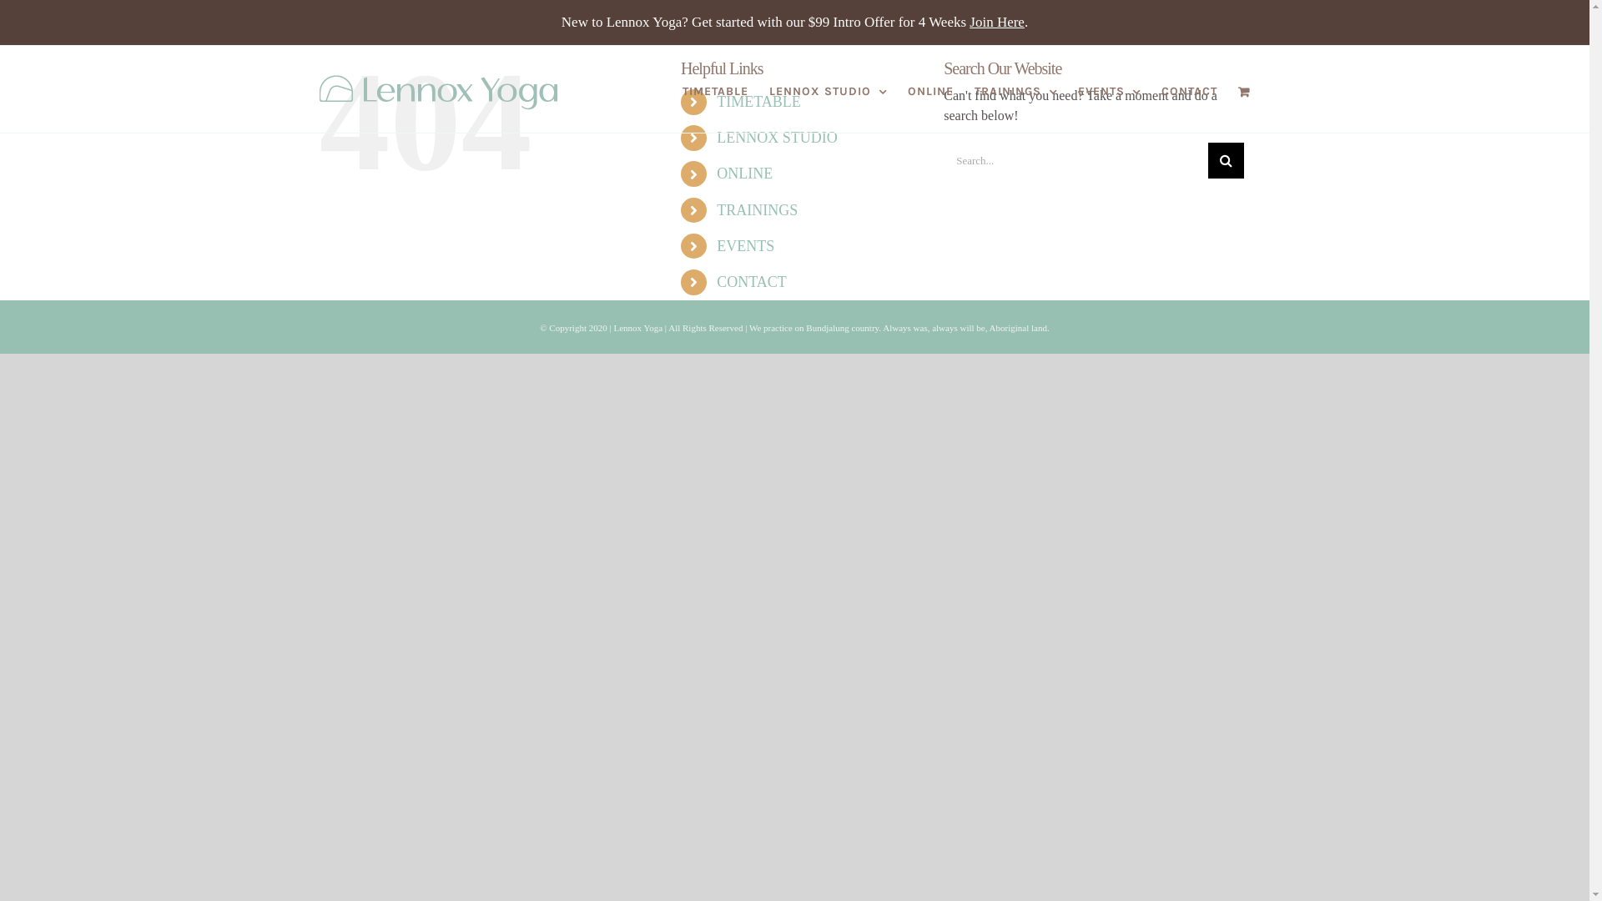 The height and width of the screenshot is (901, 1602). Describe the element at coordinates (743, 174) in the screenshot. I see `'ONLINE'` at that location.